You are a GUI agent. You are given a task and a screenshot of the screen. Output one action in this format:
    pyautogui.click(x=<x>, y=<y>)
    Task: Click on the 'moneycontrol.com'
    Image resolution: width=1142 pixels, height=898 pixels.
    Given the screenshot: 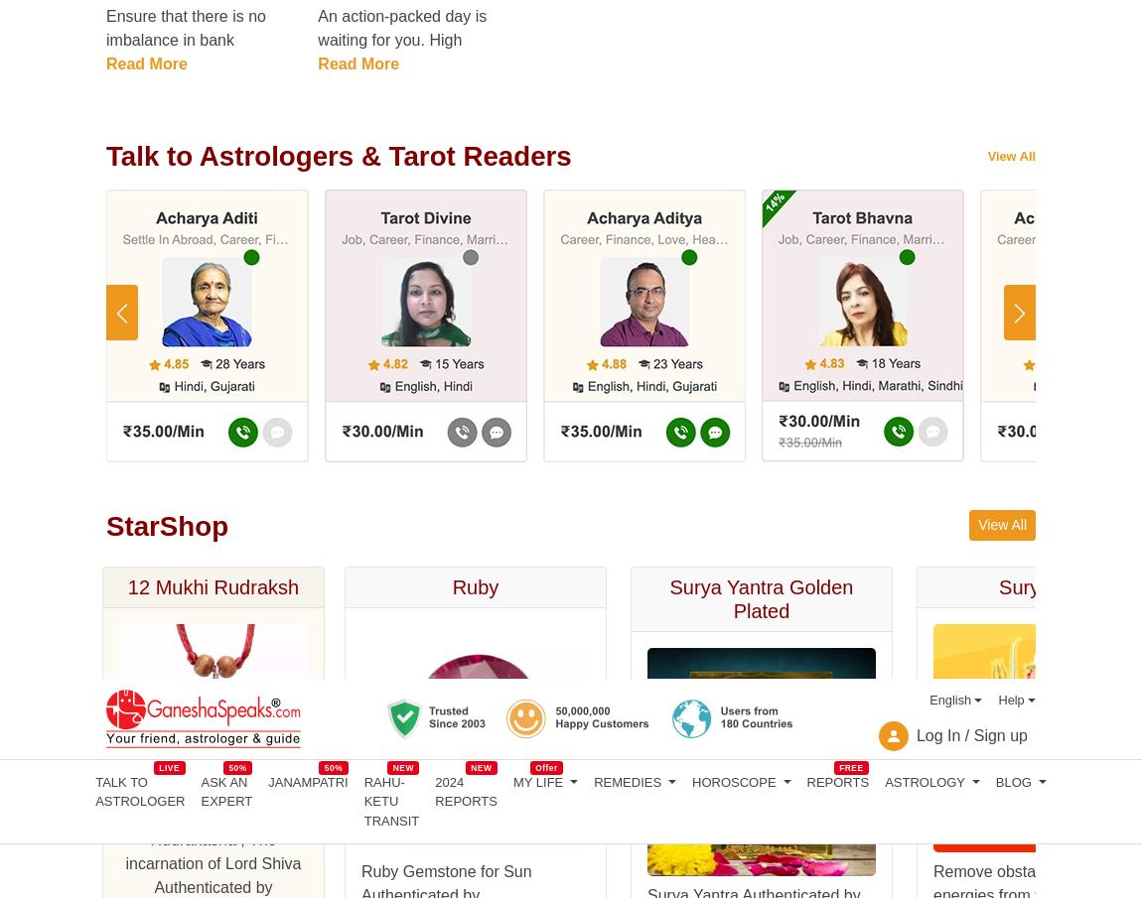 What is the action you would take?
    pyautogui.click(x=798, y=826)
    